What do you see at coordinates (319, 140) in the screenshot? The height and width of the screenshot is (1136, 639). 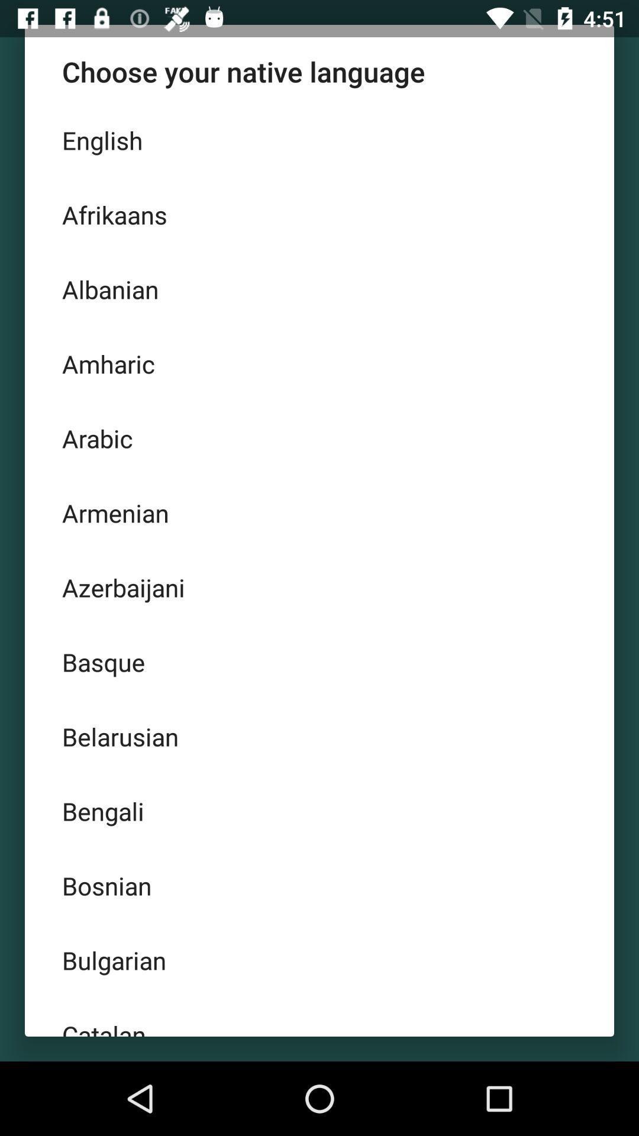 I see `english item` at bounding box center [319, 140].